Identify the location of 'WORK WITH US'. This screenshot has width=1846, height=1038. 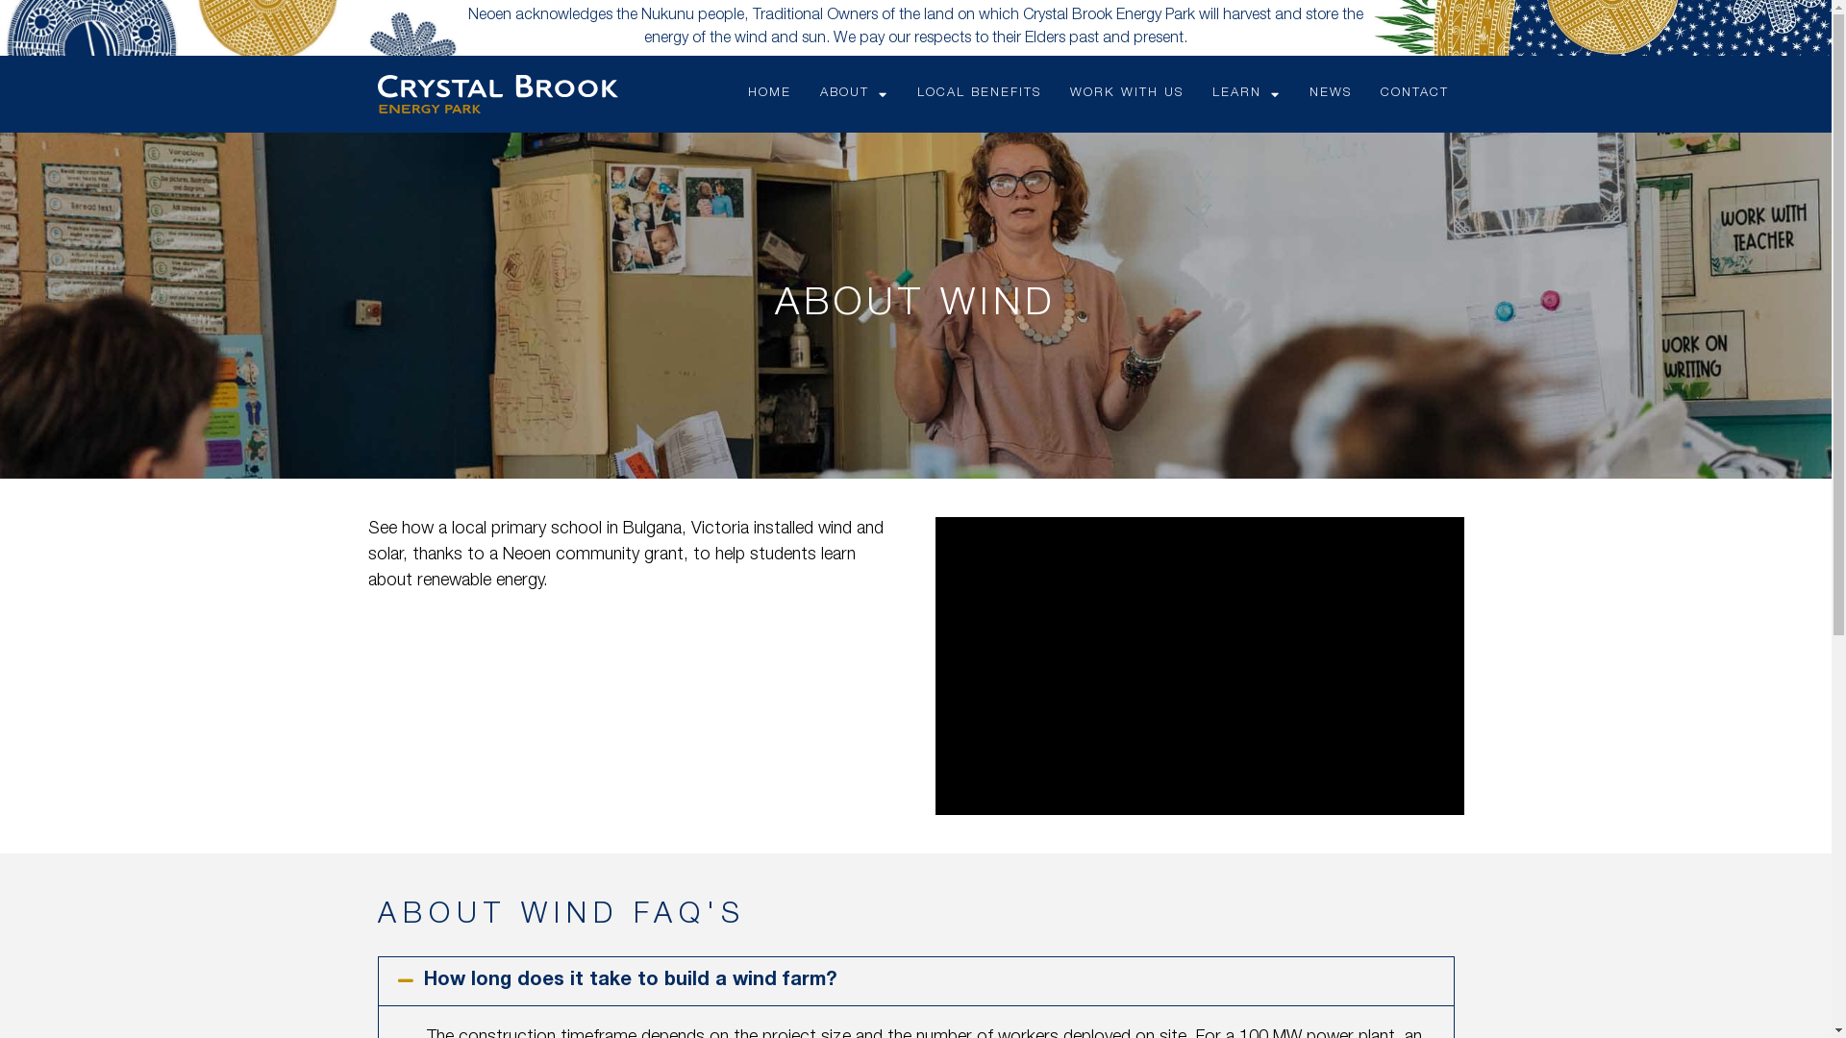
(1126, 93).